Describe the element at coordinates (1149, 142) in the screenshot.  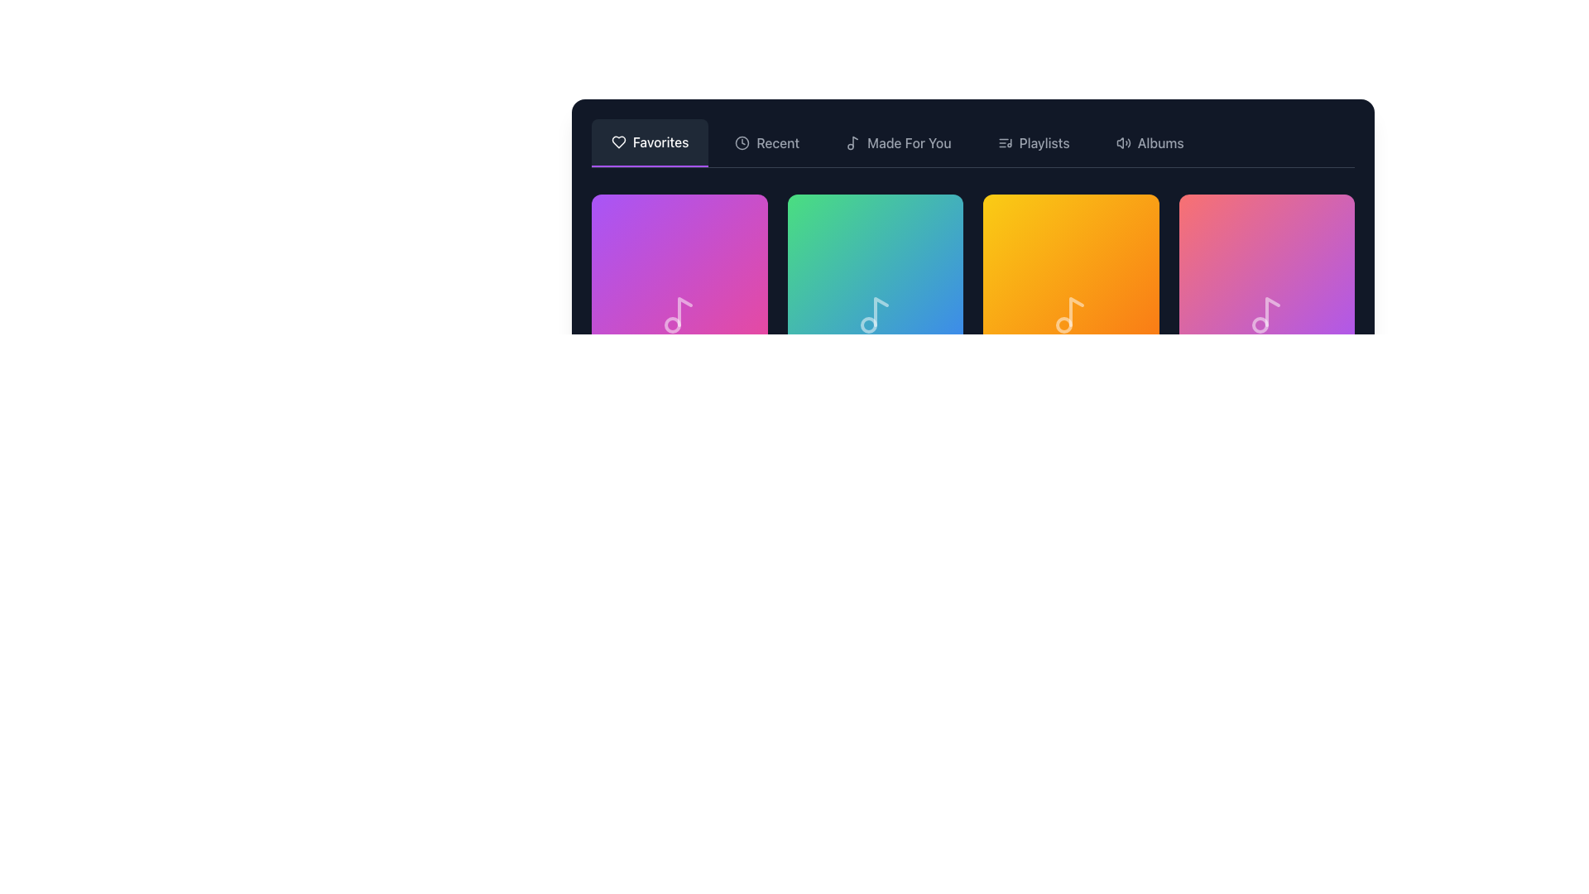
I see `the 'Albums' tab in the horizontal navigation bar to activate its hover effects, which include changes in background and font color` at that location.